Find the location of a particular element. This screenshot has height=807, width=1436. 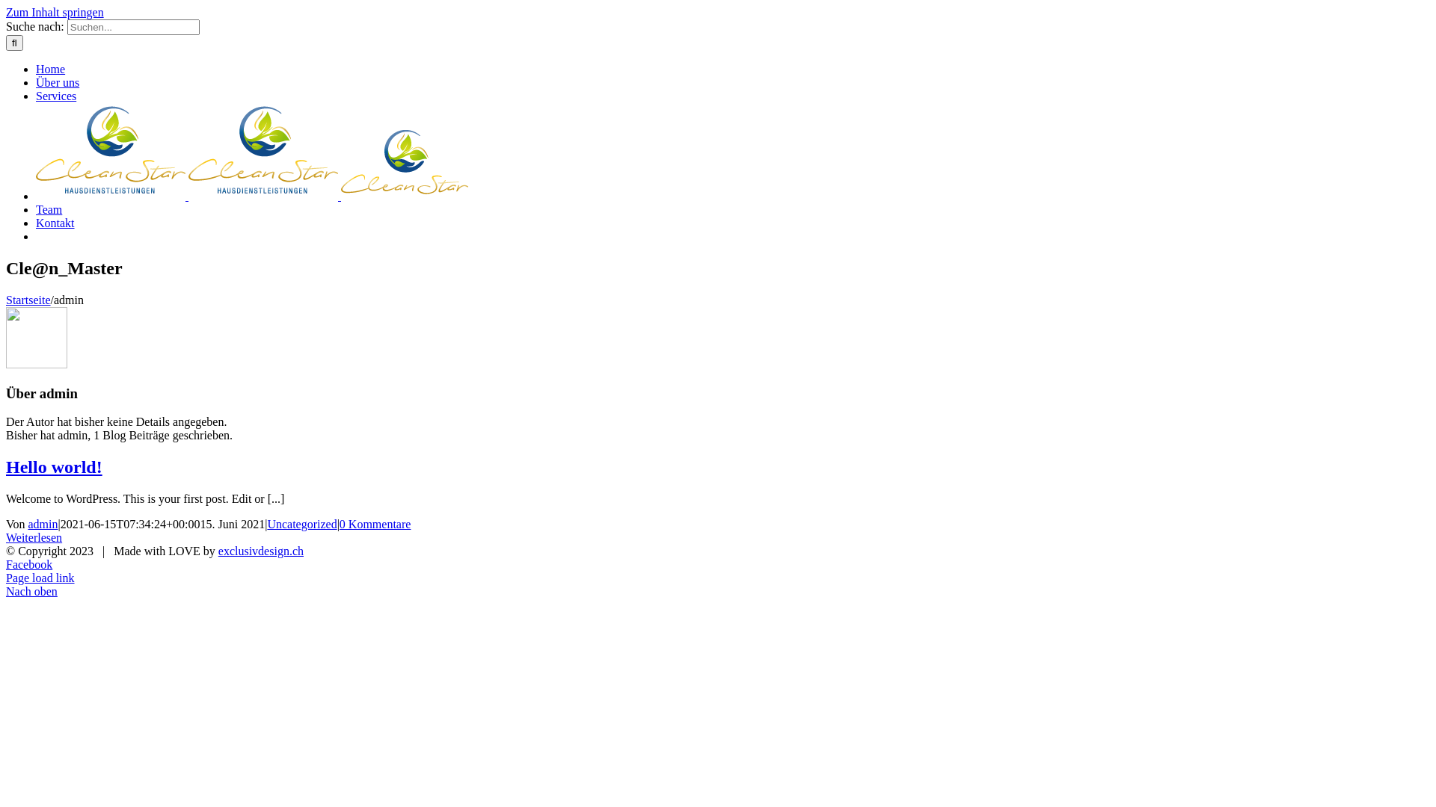

'Weiterlesen' is located at coordinates (34, 537).